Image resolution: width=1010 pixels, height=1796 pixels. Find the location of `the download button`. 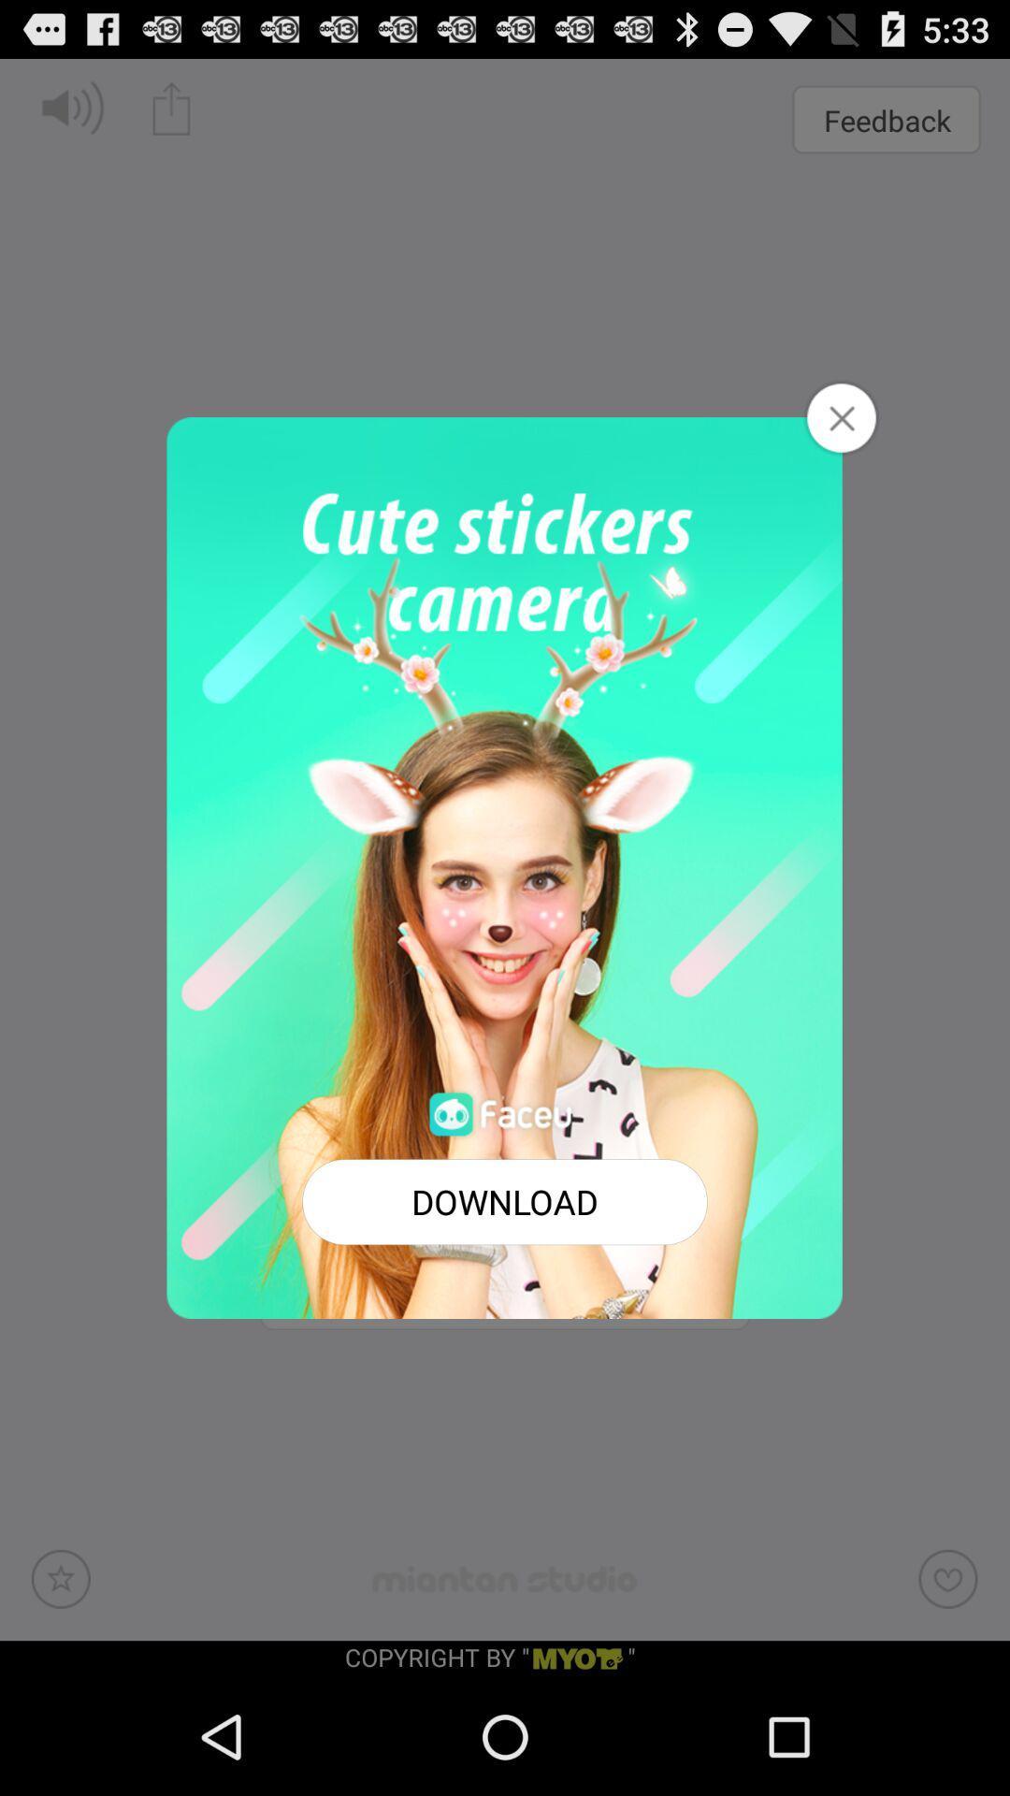

the download button is located at coordinates (505, 1202).